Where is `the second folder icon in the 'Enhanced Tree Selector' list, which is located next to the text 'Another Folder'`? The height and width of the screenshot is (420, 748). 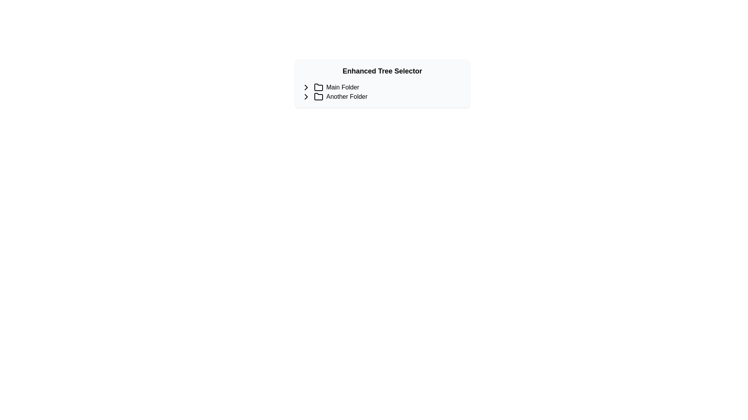
the second folder icon in the 'Enhanced Tree Selector' list, which is located next to the text 'Another Folder' is located at coordinates (318, 96).